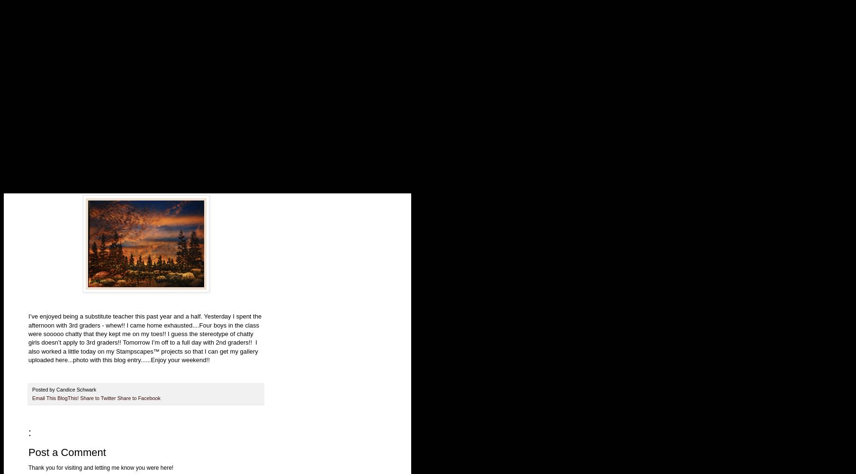  What do you see at coordinates (69, 118) in the screenshot?
I see `'Bible Journaling Ideas/Links'` at bounding box center [69, 118].